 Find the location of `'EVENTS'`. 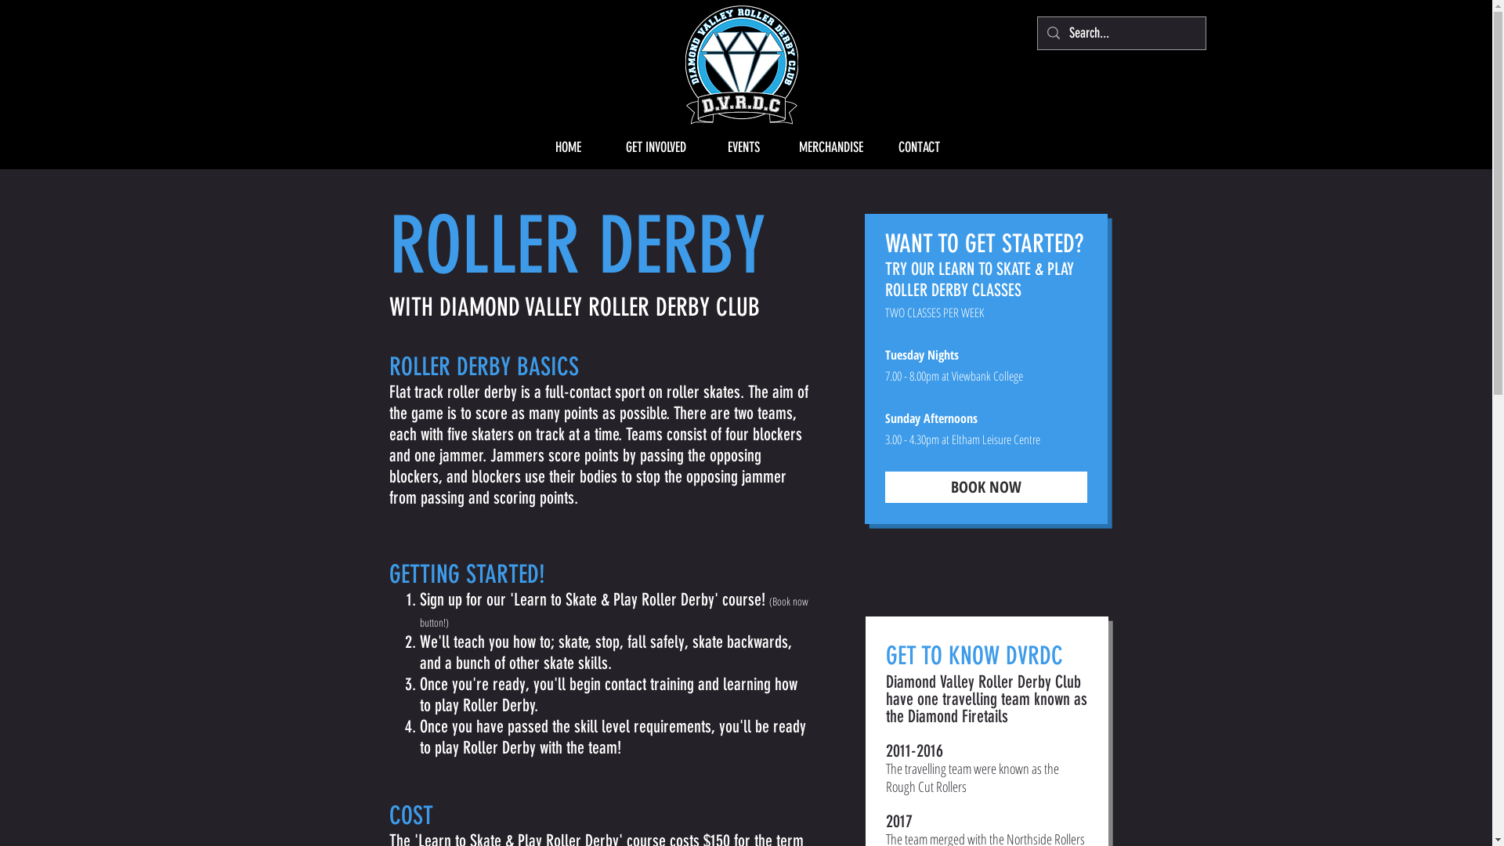

'EVENTS' is located at coordinates (698, 147).